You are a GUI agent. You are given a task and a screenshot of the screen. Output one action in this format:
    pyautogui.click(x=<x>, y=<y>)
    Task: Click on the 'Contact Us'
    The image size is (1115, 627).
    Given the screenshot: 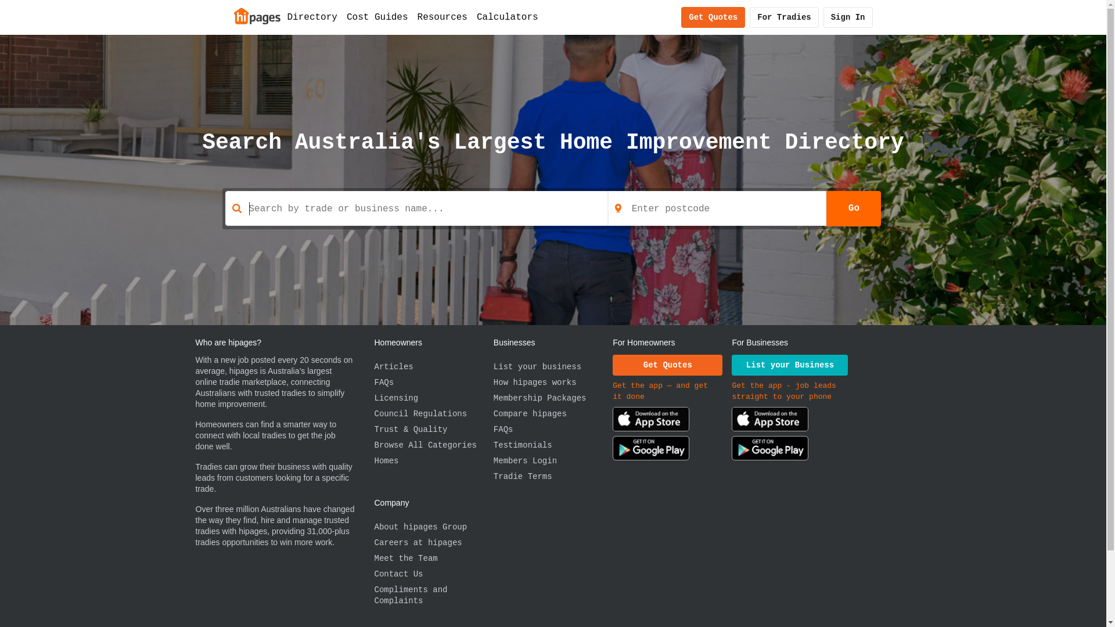 What is the action you would take?
    pyautogui.click(x=373, y=574)
    